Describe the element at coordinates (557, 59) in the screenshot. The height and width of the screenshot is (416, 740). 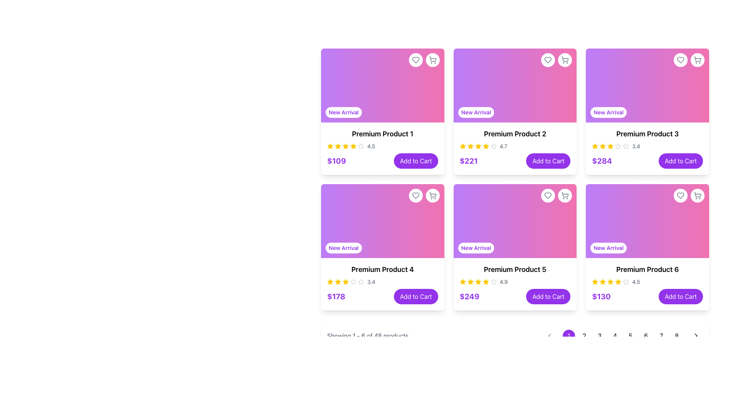
I see `the circular shopping cart button located in the top-right corner of the 'Premium Product 2' card to initiate an action` at that location.